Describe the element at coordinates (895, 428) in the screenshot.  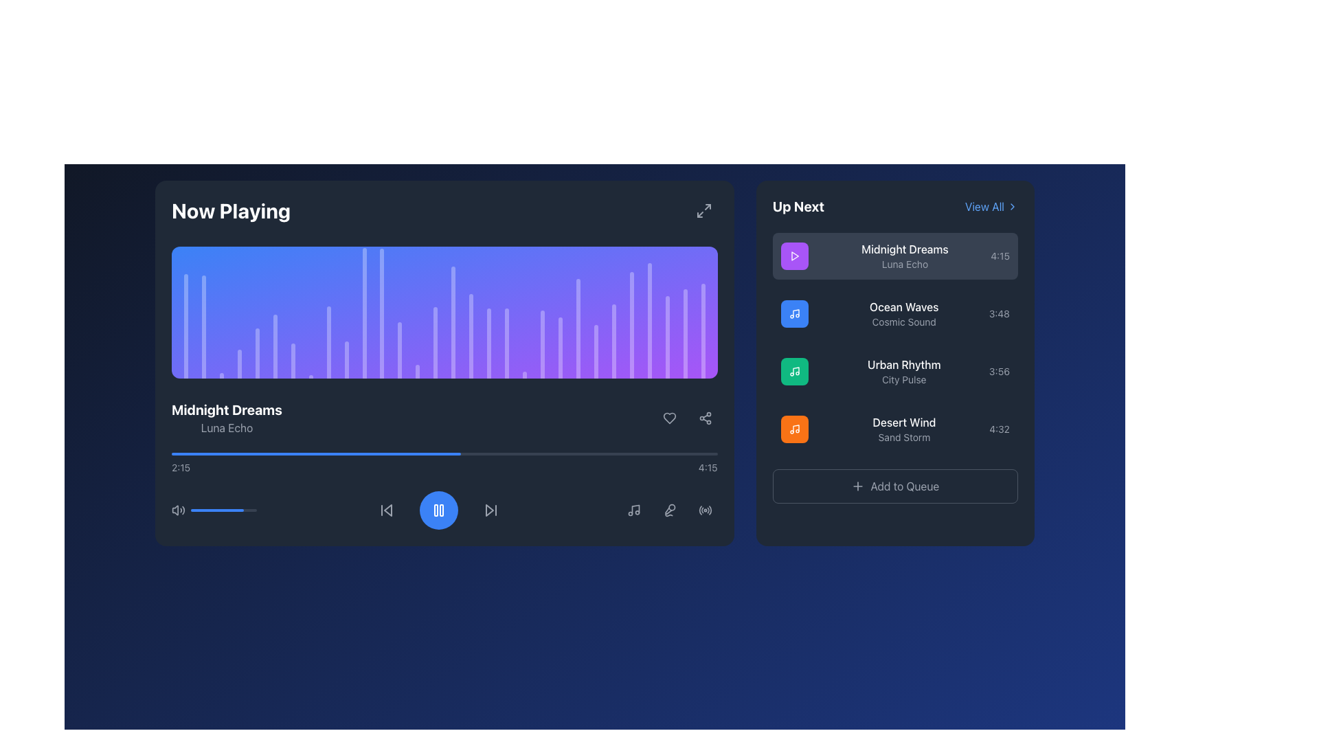
I see `the fourth item in the music playlist labeled 'Desert Wind'` at that location.